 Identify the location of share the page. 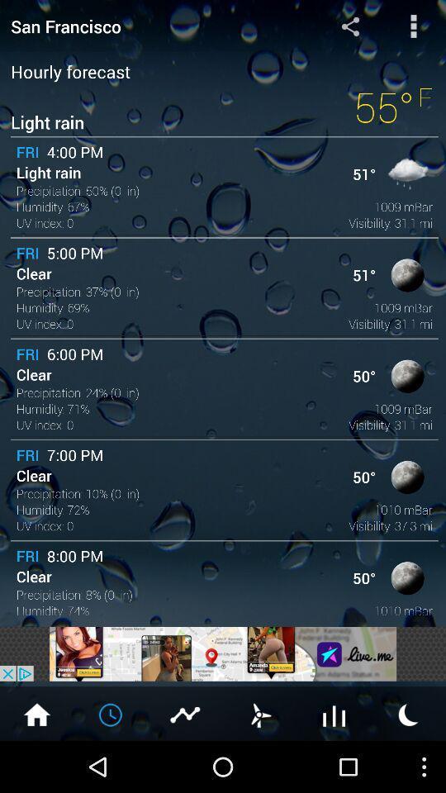
(349, 25).